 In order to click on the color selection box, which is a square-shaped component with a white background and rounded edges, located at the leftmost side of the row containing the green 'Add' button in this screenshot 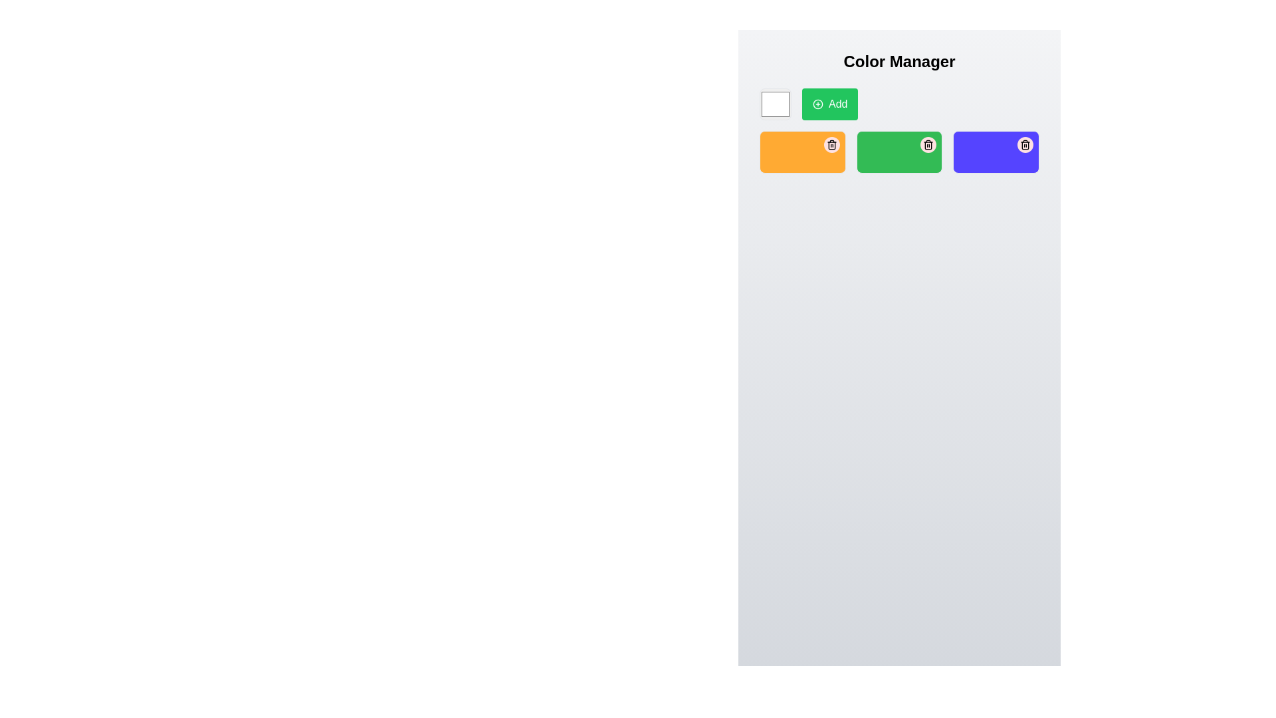, I will do `click(775, 104)`.